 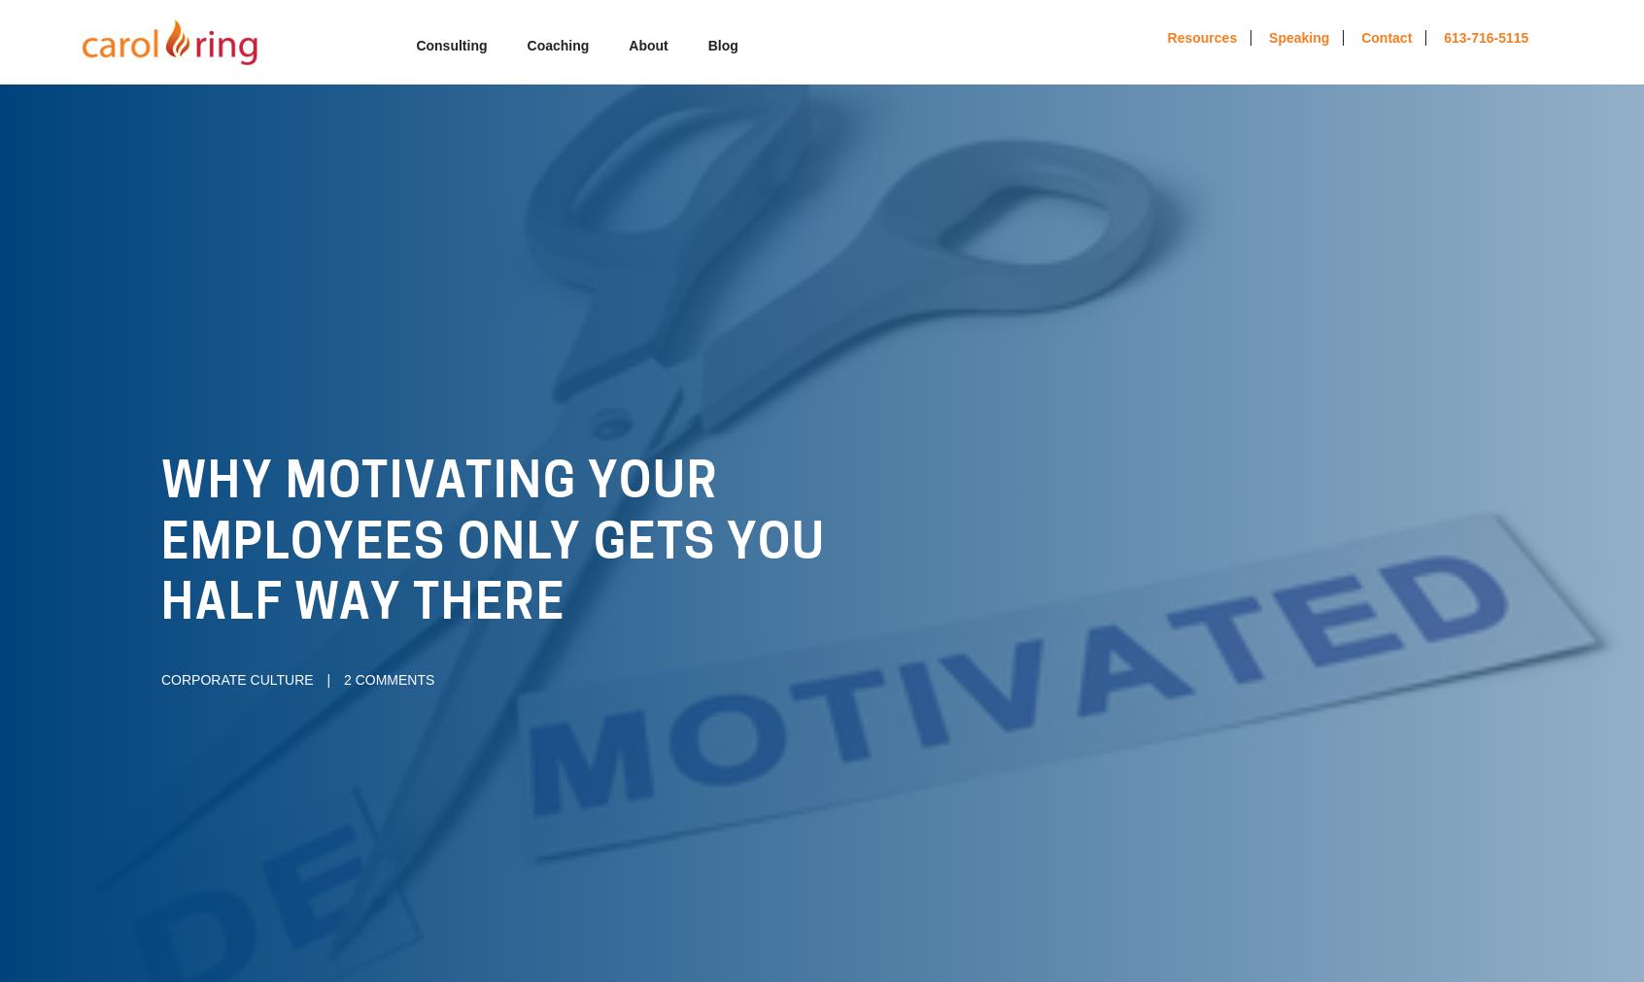 I want to click on 'Contact', so click(x=1386, y=36).